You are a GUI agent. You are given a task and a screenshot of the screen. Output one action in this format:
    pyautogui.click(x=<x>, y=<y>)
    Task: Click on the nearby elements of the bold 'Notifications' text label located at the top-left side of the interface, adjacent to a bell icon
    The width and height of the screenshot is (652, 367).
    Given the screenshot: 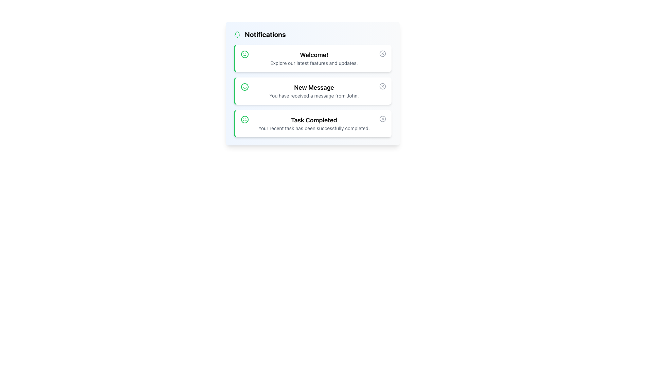 What is the action you would take?
    pyautogui.click(x=265, y=34)
    